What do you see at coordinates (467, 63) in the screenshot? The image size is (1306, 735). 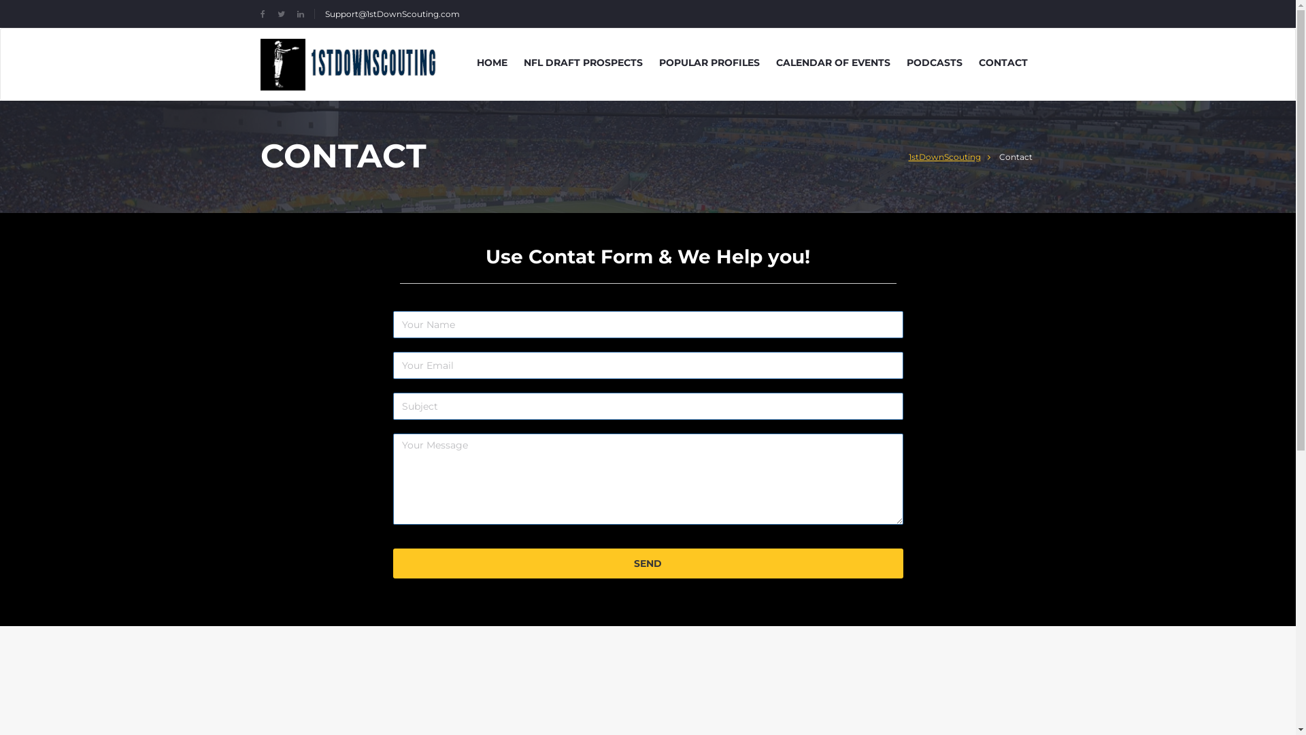 I see `'HOME'` at bounding box center [467, 63].